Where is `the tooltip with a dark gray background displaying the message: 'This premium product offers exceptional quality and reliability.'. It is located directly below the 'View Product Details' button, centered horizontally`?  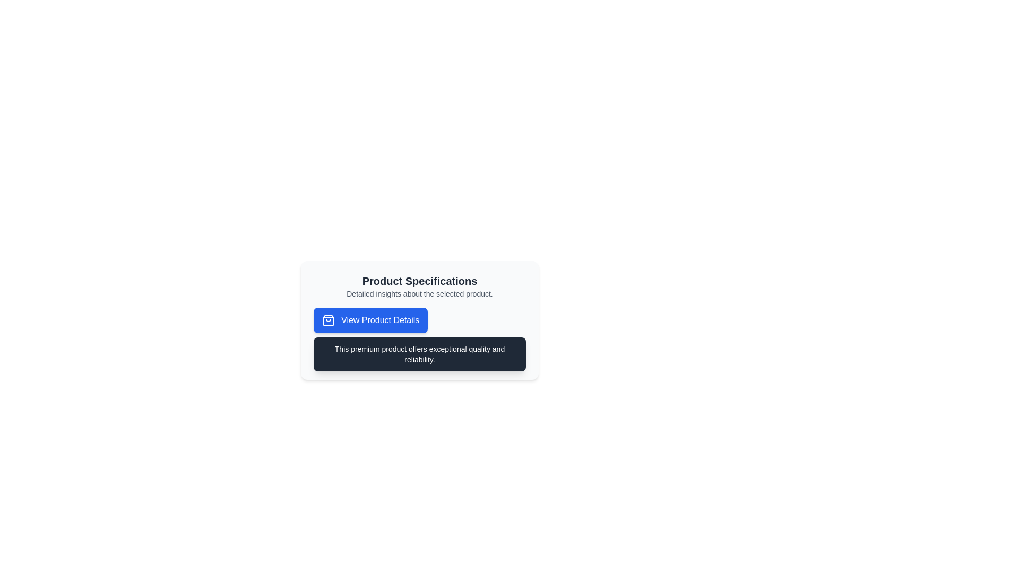 the tooltip with a dark gray background displaying the message: 'This premium product offers exceptional quality and reliability.'. It is located directly below the 'View Product Details' button, centered horizontally is located at coordinates (419, 354).